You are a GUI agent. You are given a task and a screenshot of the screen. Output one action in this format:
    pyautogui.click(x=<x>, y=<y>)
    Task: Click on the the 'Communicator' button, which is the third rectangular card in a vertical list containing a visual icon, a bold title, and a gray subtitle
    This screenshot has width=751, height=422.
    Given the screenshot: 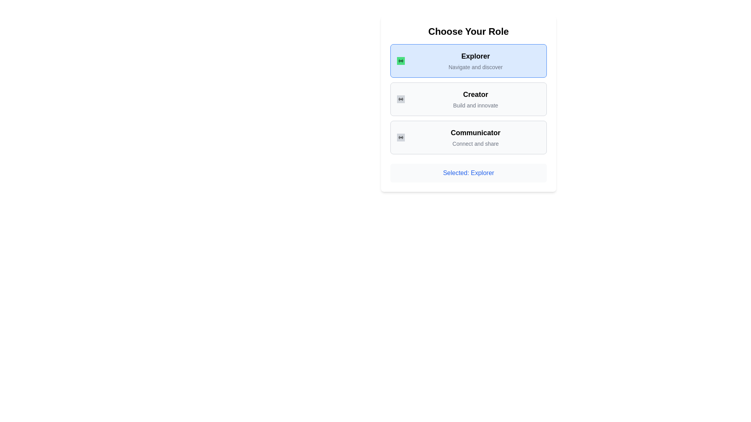 What is the action you would take?
    pyautogui.click(x=469, y=137)
    